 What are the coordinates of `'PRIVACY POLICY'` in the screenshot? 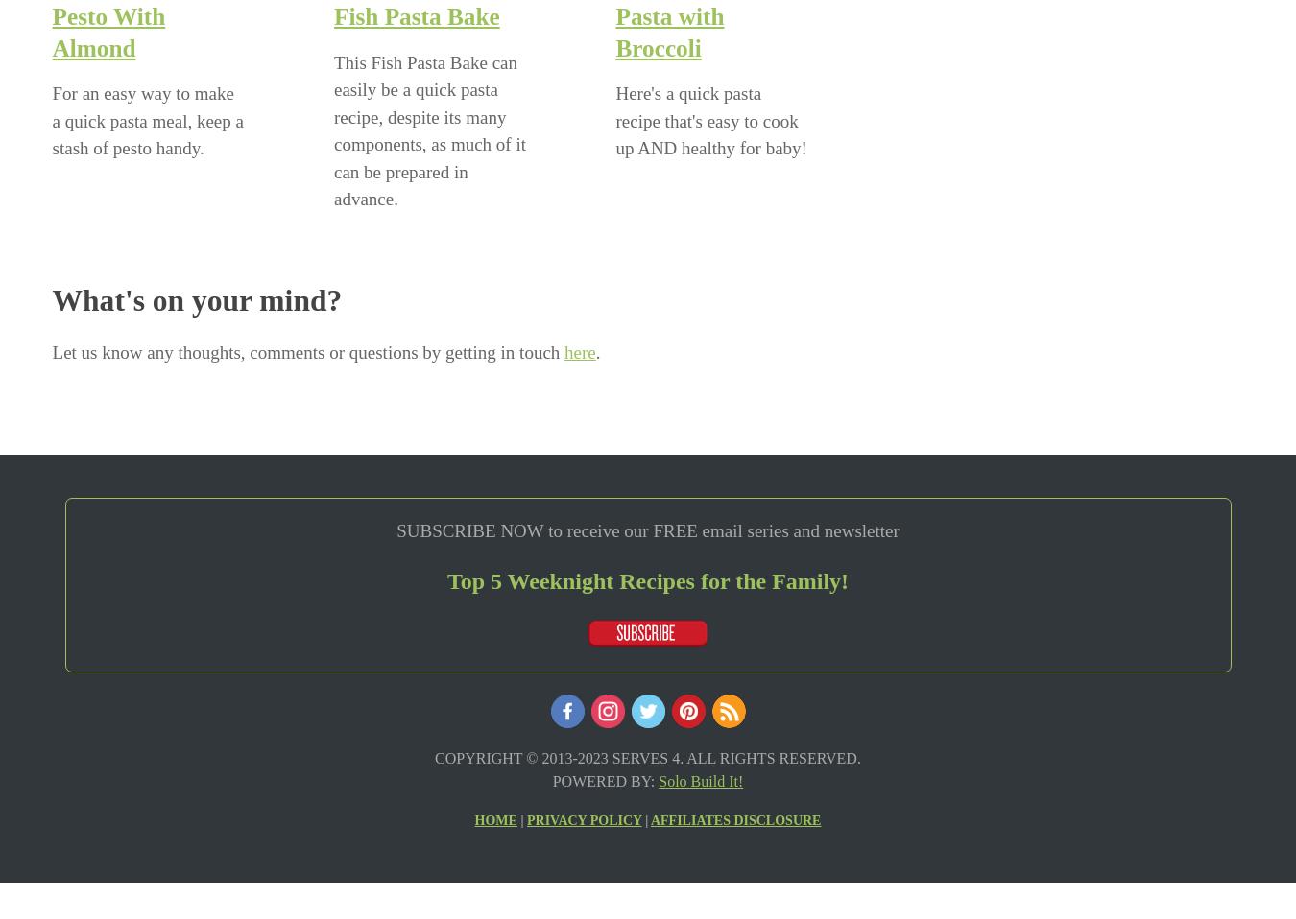 It's located at (584, 818).